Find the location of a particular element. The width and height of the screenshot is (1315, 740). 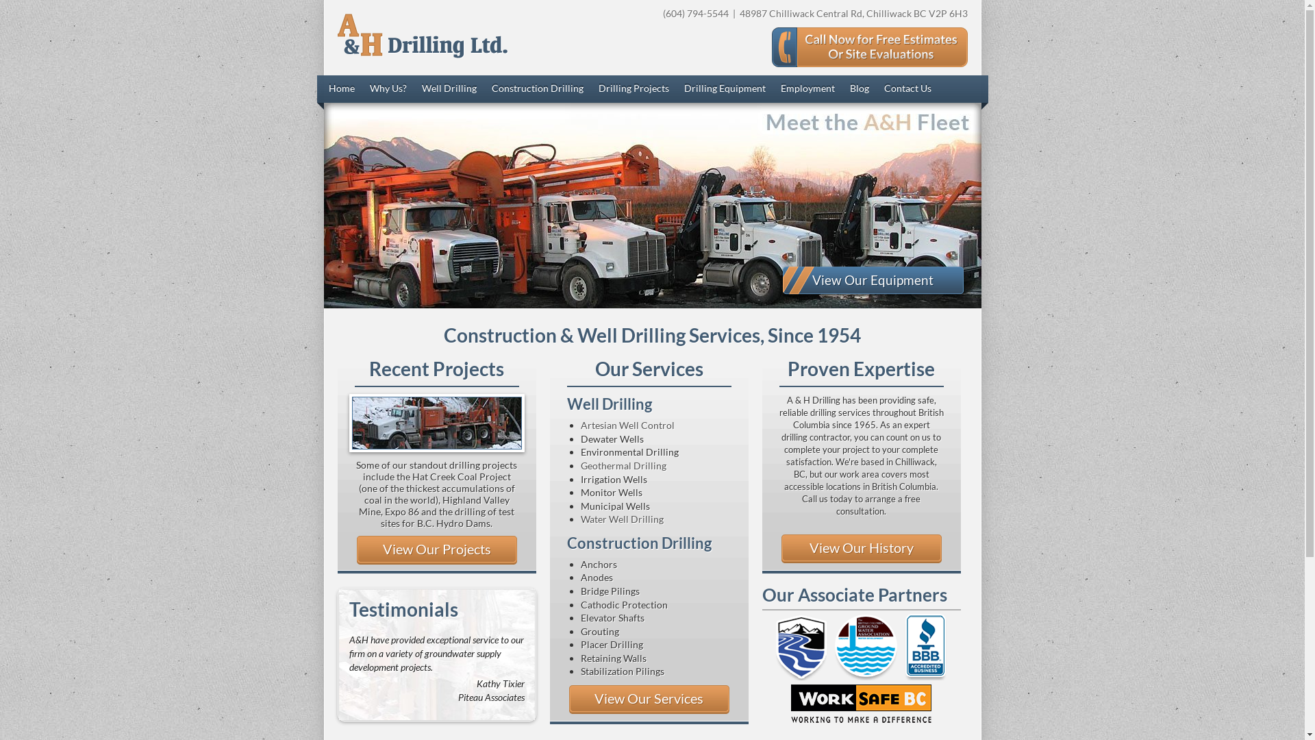

'Artesian Well Control' is located at coordinates (627, 424).